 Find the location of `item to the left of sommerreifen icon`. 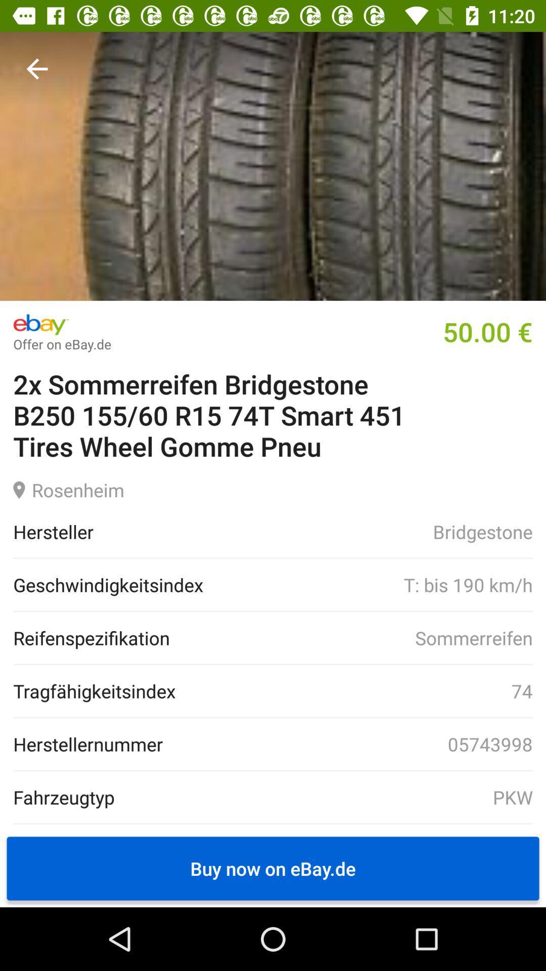

item to the left of sommerreifen icon is located at coordinates (92, 637).